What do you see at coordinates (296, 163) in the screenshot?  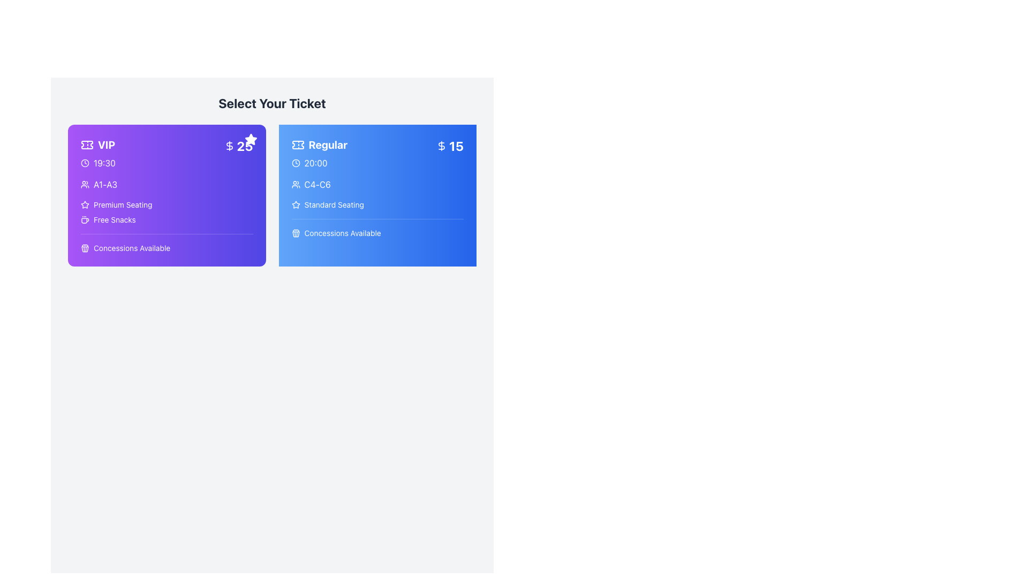 I see `the time-related icon located within the 'Regular' ticket card, next to the time text '20:00'` at bounding box center [296, 163].